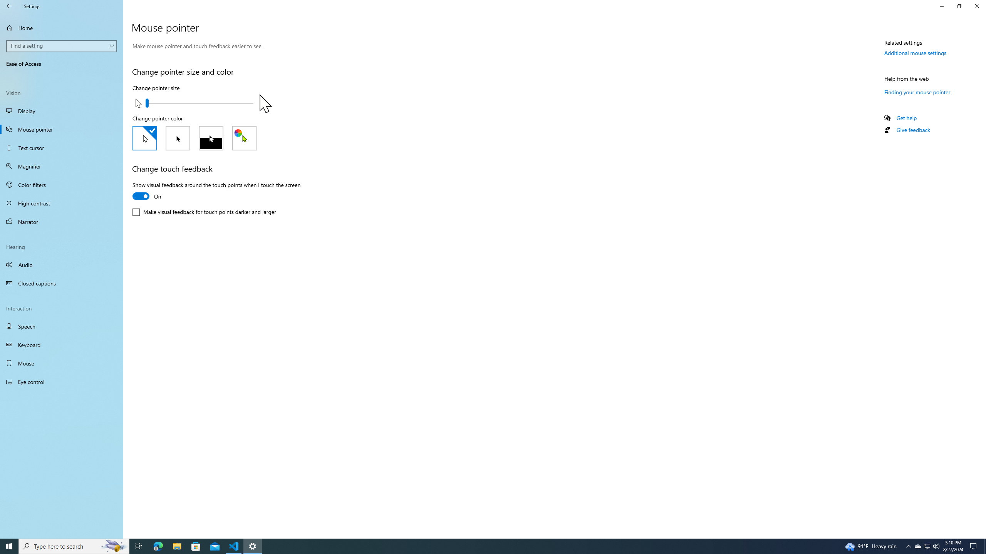 This screenshot has width=986, height=554. What do you see at coordinates (144, 138) in the screenshot?
I see `'White'` at bounding box center [144, 138].